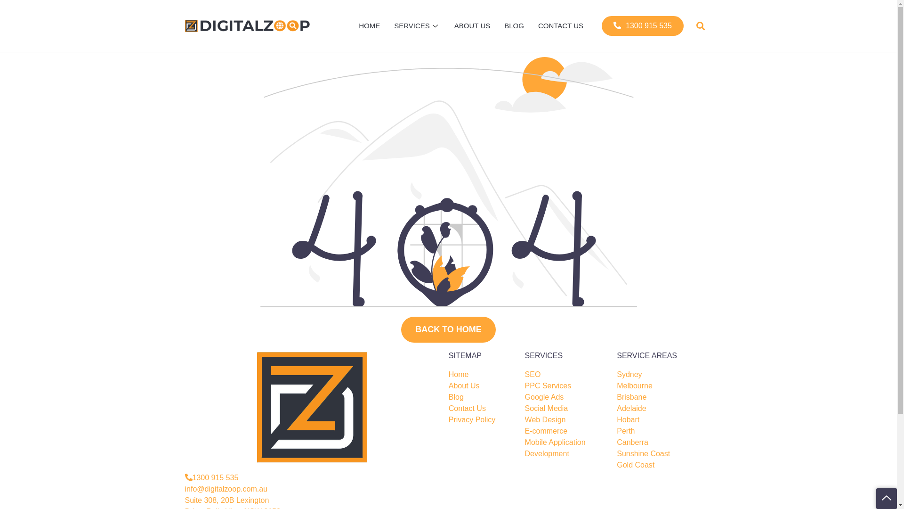 The height and width of the screenshot is (509, 904). What do you see at coordinates (472, 419) in the screenshot?
I see `'Privacy Policy'` at bounding box center [472, 419].